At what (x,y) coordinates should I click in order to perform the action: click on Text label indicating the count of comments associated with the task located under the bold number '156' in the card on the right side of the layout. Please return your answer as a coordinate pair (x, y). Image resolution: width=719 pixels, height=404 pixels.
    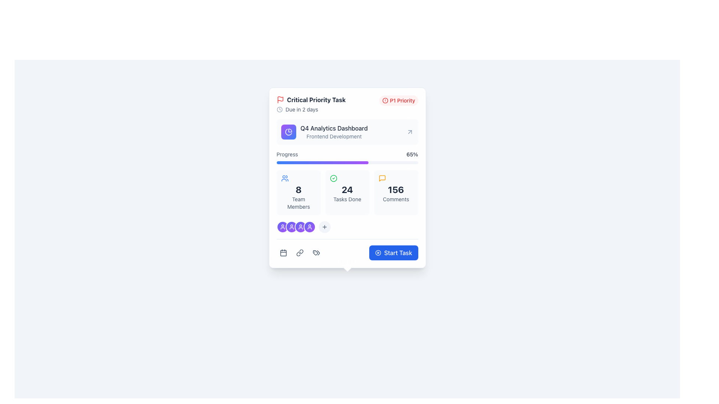
    Looking at the image, I should click on (395, 199).